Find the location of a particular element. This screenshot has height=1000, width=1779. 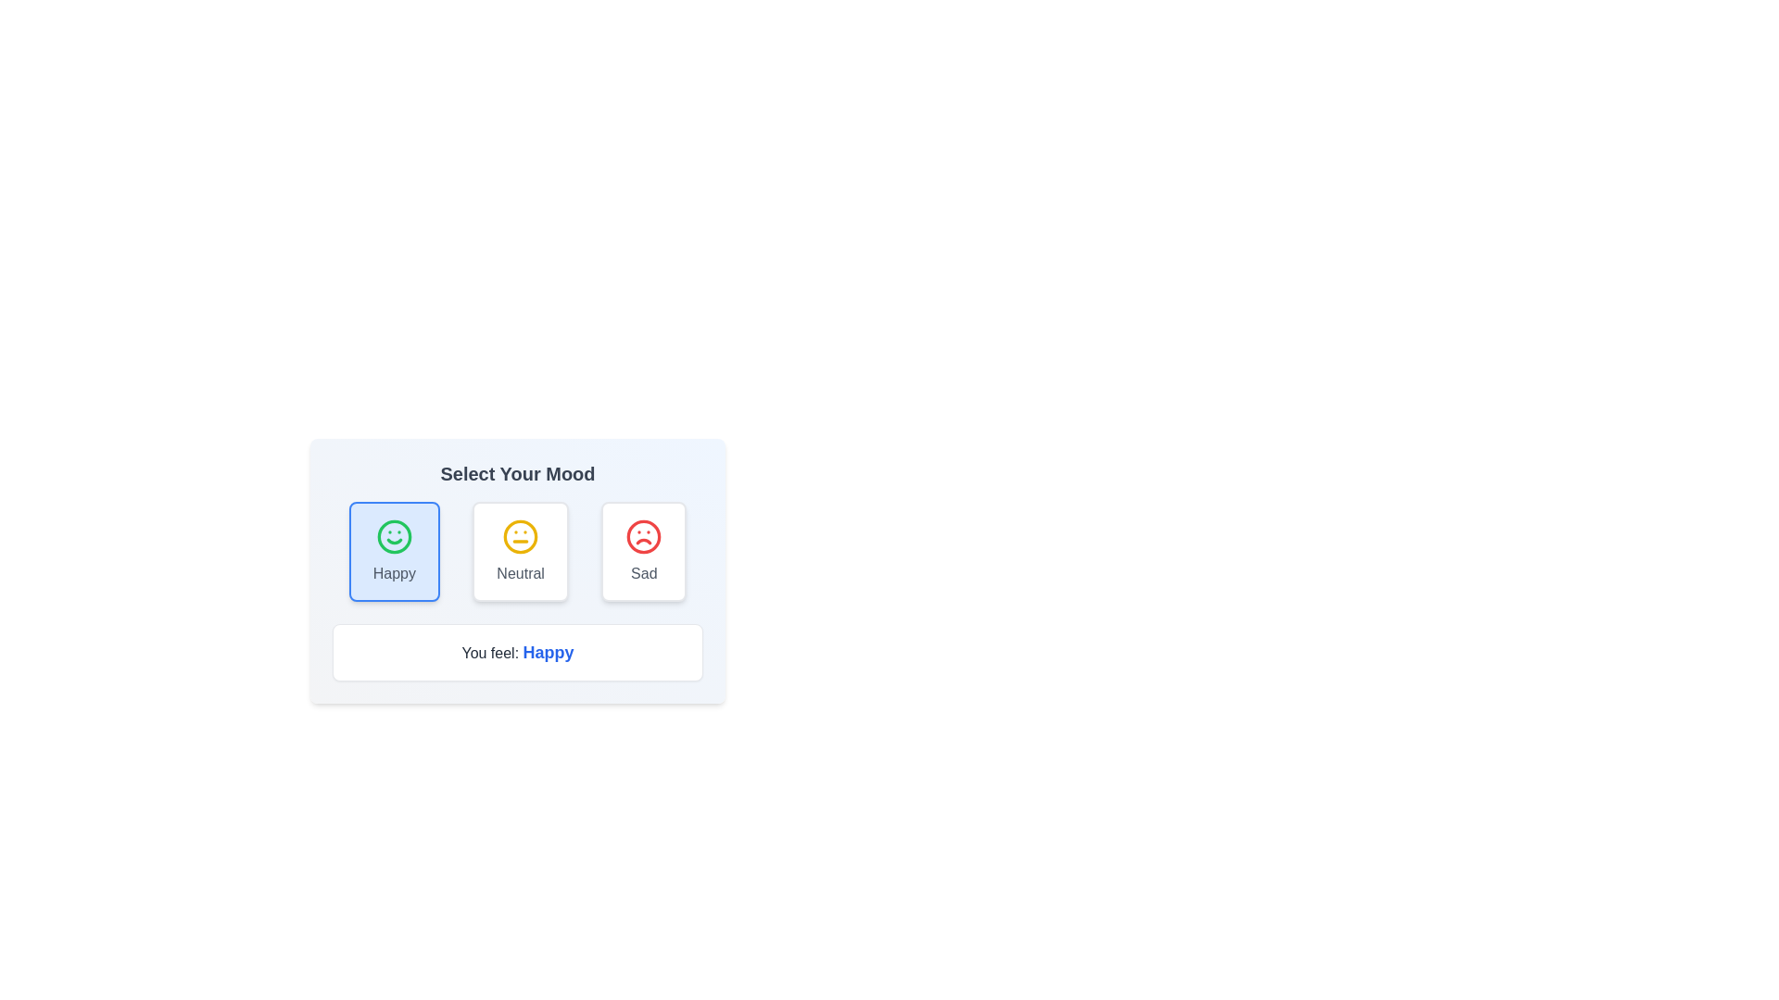

the yellow circular icon with a neutral face expression, which is the main icon within the 'Neutral' mood option, located centrally above the word 'Neutral' is located at coordinates (520, 536).